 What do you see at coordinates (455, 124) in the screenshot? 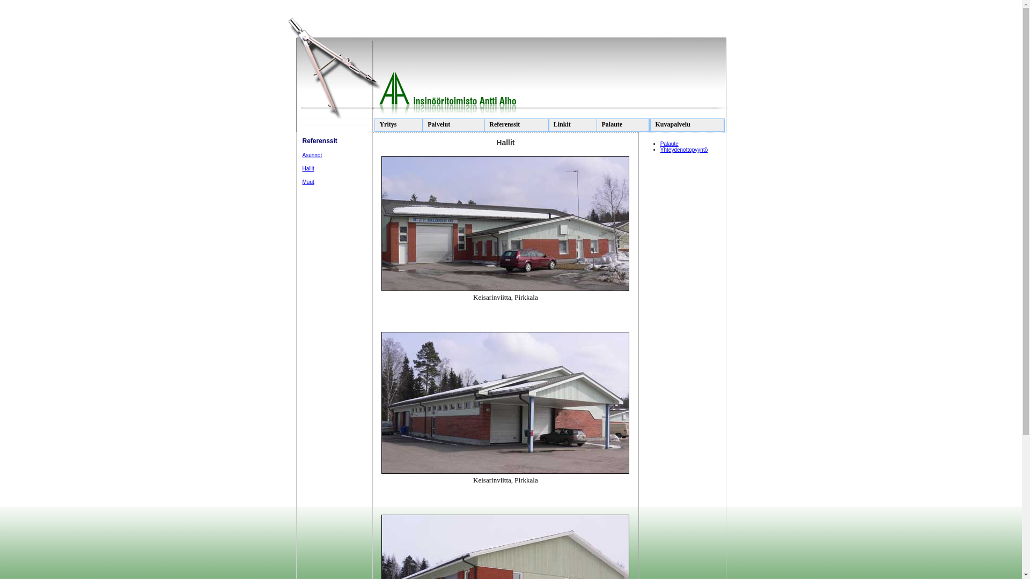
I see `'Palvelut'` at bounding box center [455, 124].